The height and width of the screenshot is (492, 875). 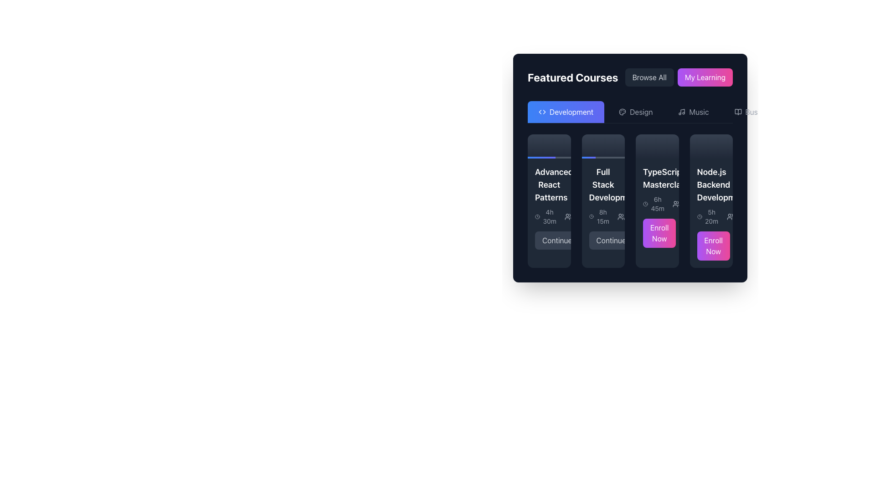 What do you see at coordinates (549, 146) in the screenshot?
I see `the circular play button with a white background and a play symbol` at bounding box center [549, 146].